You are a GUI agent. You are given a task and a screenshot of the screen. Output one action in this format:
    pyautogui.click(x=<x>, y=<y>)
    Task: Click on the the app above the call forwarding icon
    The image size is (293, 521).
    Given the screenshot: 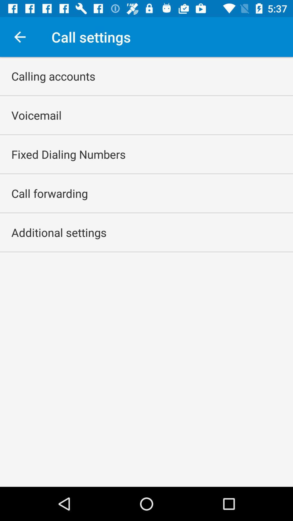 What is the action you would take?
    pyautogui.click(x=68, y=154)
    